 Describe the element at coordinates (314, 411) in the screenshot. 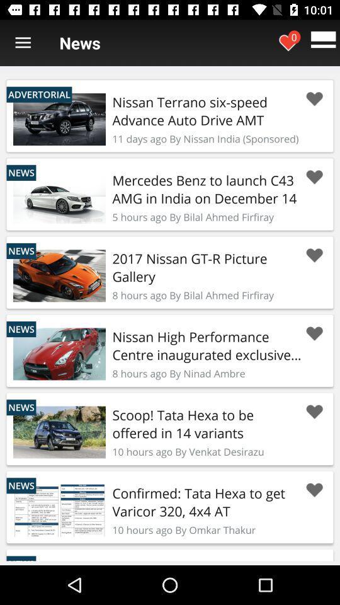

I see `news` at that location.